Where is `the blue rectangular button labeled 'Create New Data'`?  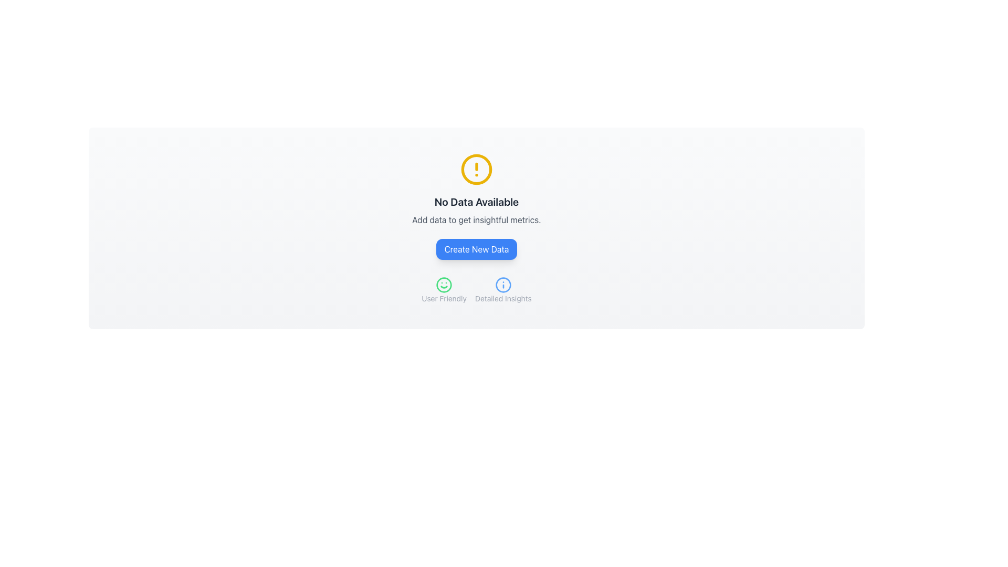 the blue rectangular button labeled 'Create New Data' is located at coordinates (476, 249).